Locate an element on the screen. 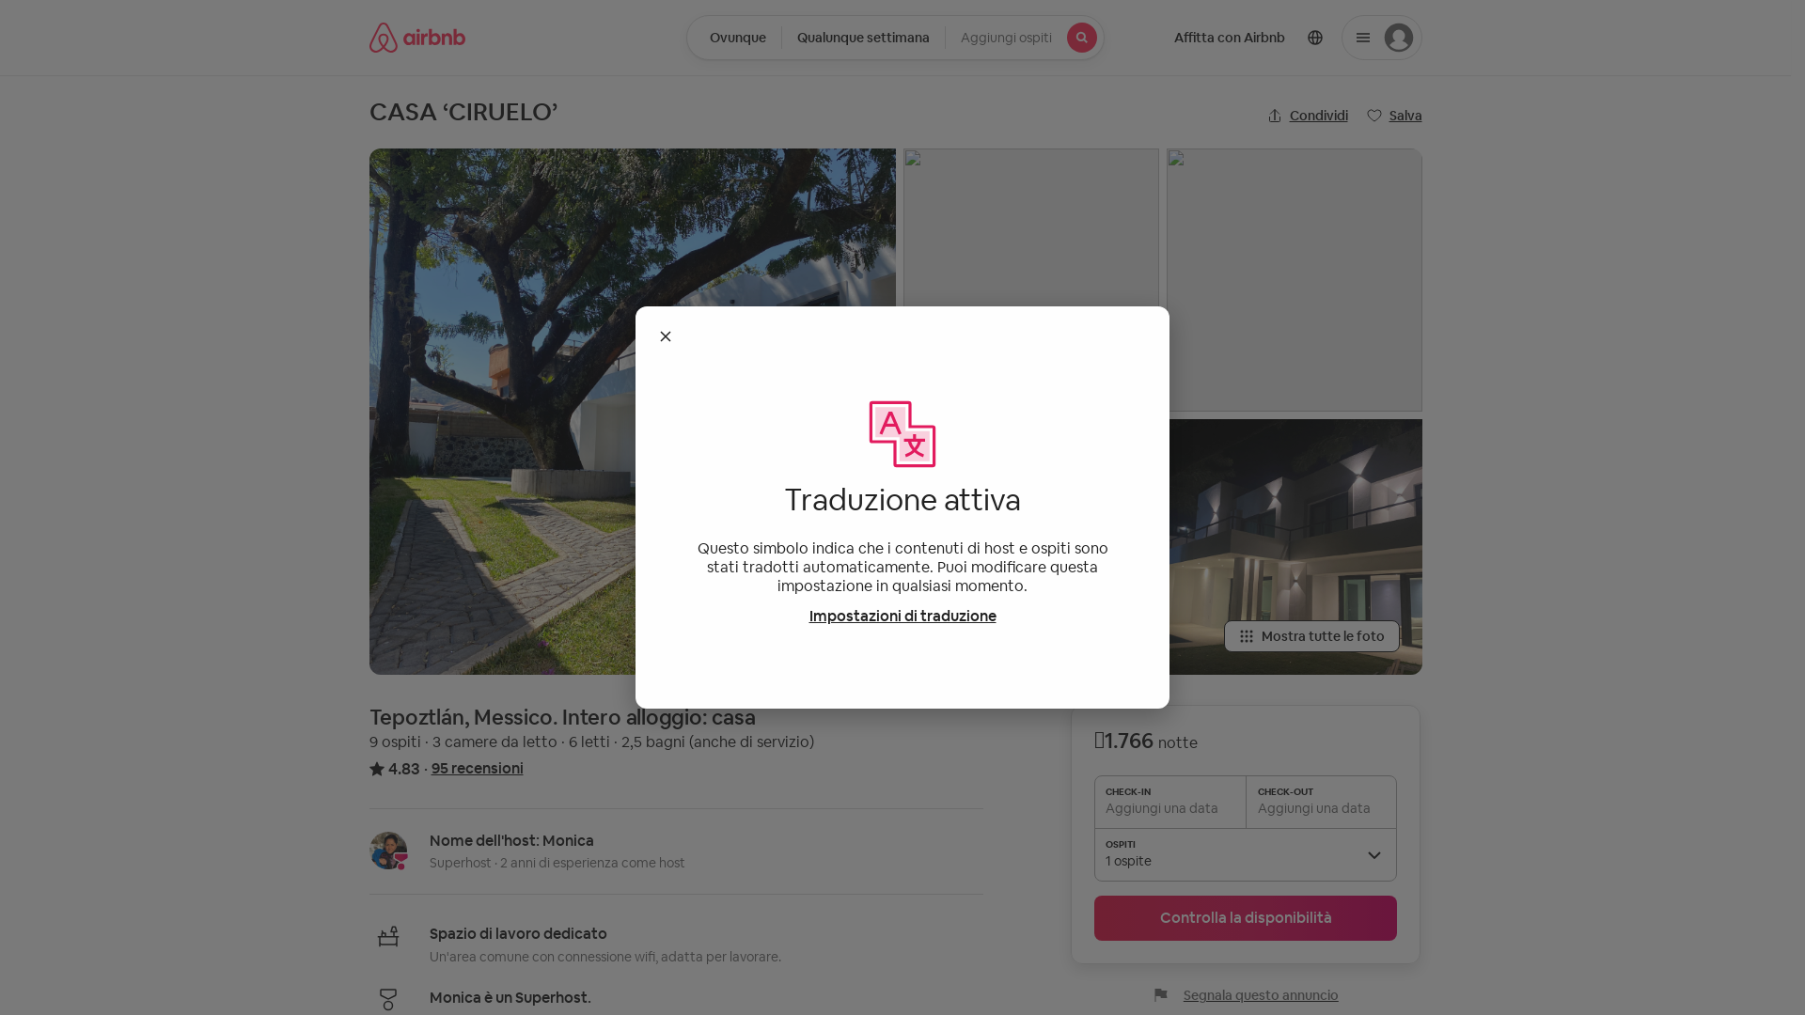 This screenshot has width=1805, height=1015. 'Impostazioni di traduzione' is located at coordinates (901, 616).